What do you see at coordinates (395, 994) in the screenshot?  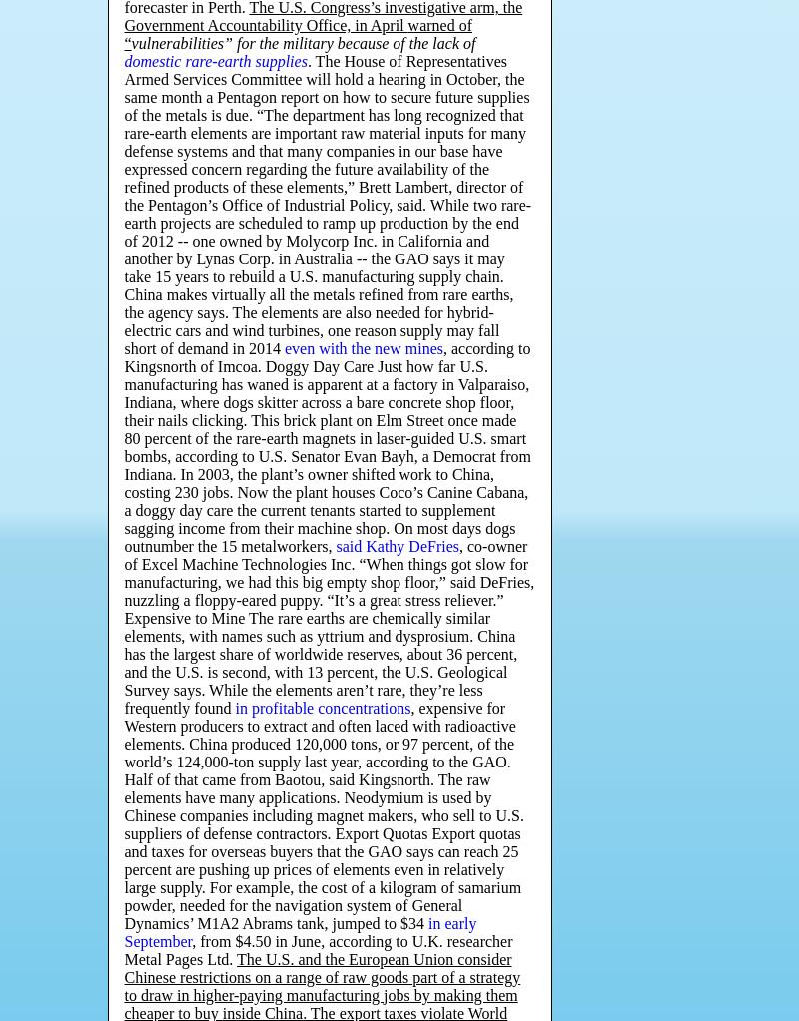 I see `'jobs'` at bounding box center [395, 994].